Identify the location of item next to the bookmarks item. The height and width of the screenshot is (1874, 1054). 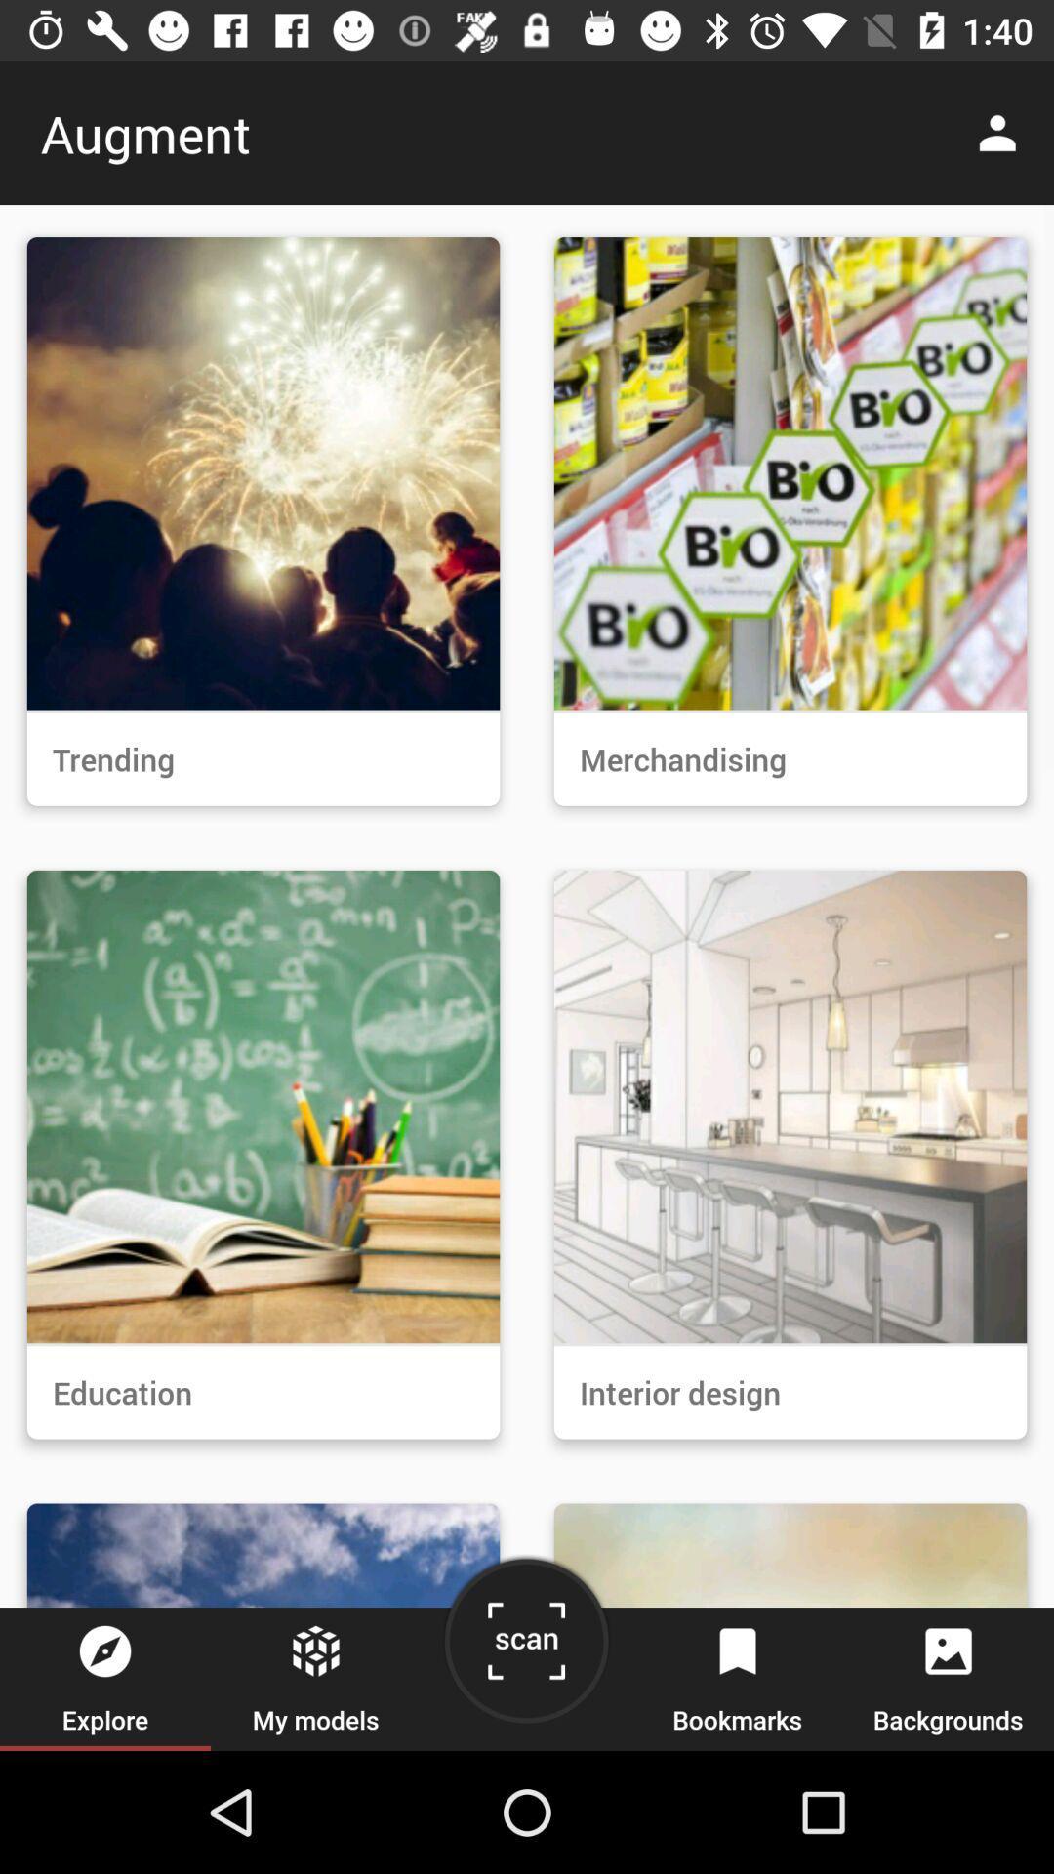
(525, 1648).